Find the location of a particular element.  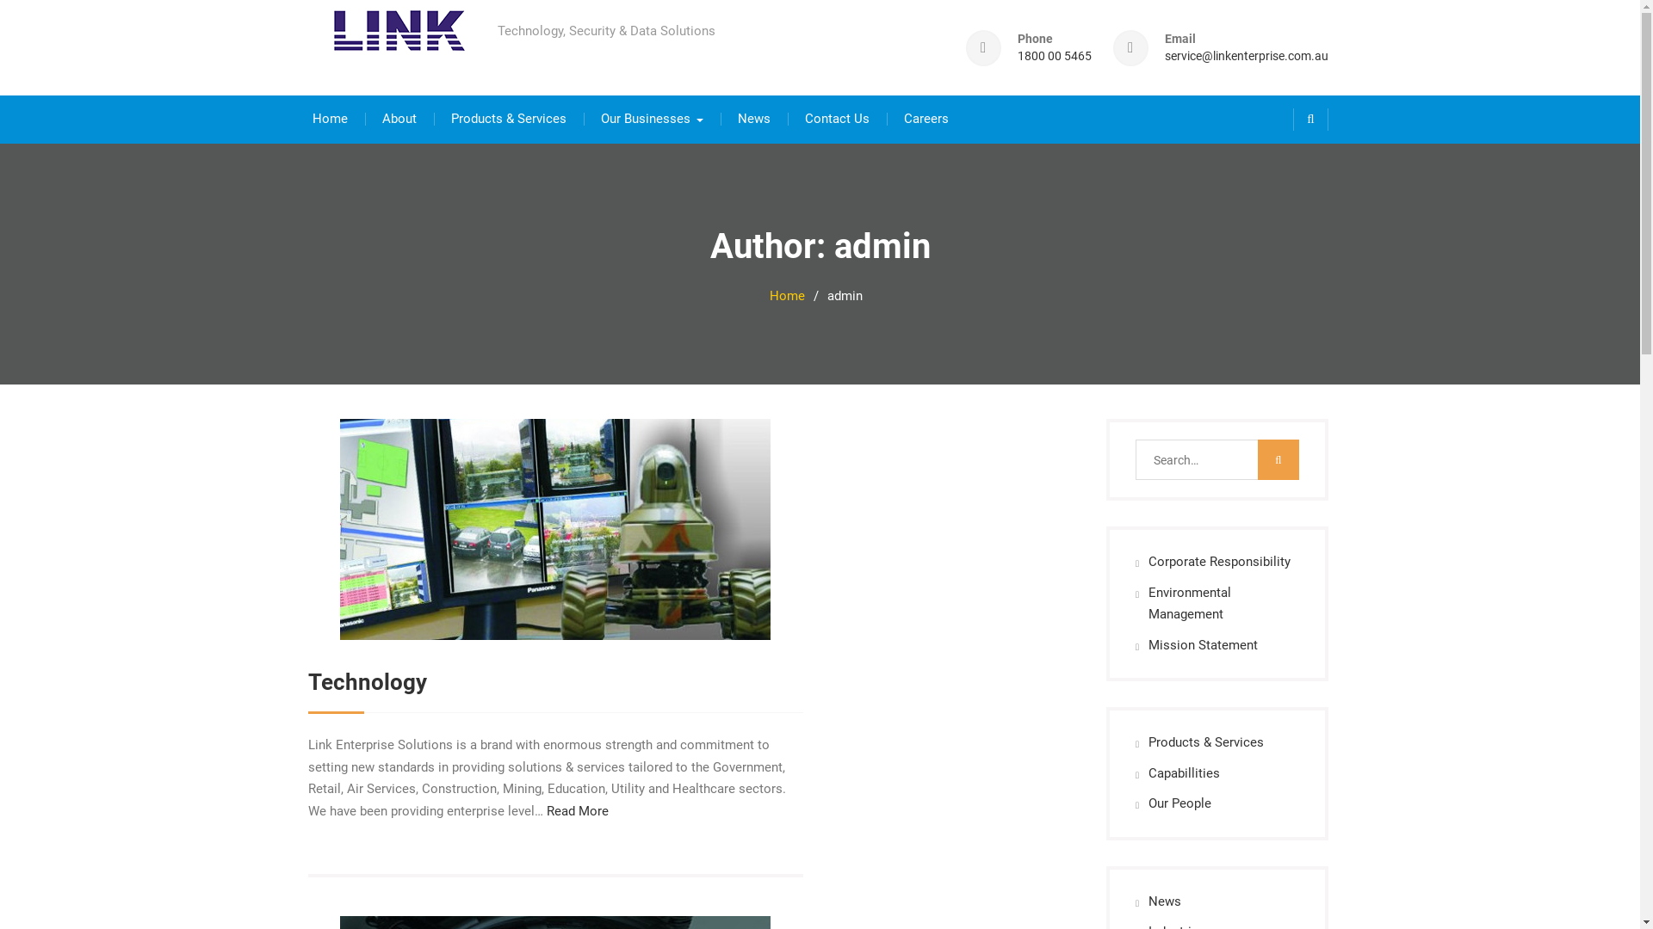

'Contact Us' is located at coordinates (836, 118).